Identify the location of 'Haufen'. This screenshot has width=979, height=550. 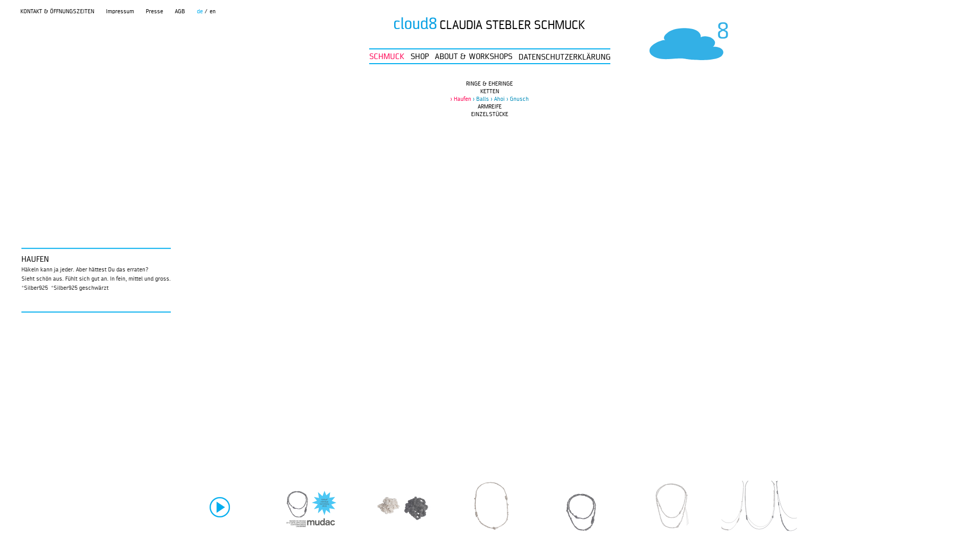
(460, 99).